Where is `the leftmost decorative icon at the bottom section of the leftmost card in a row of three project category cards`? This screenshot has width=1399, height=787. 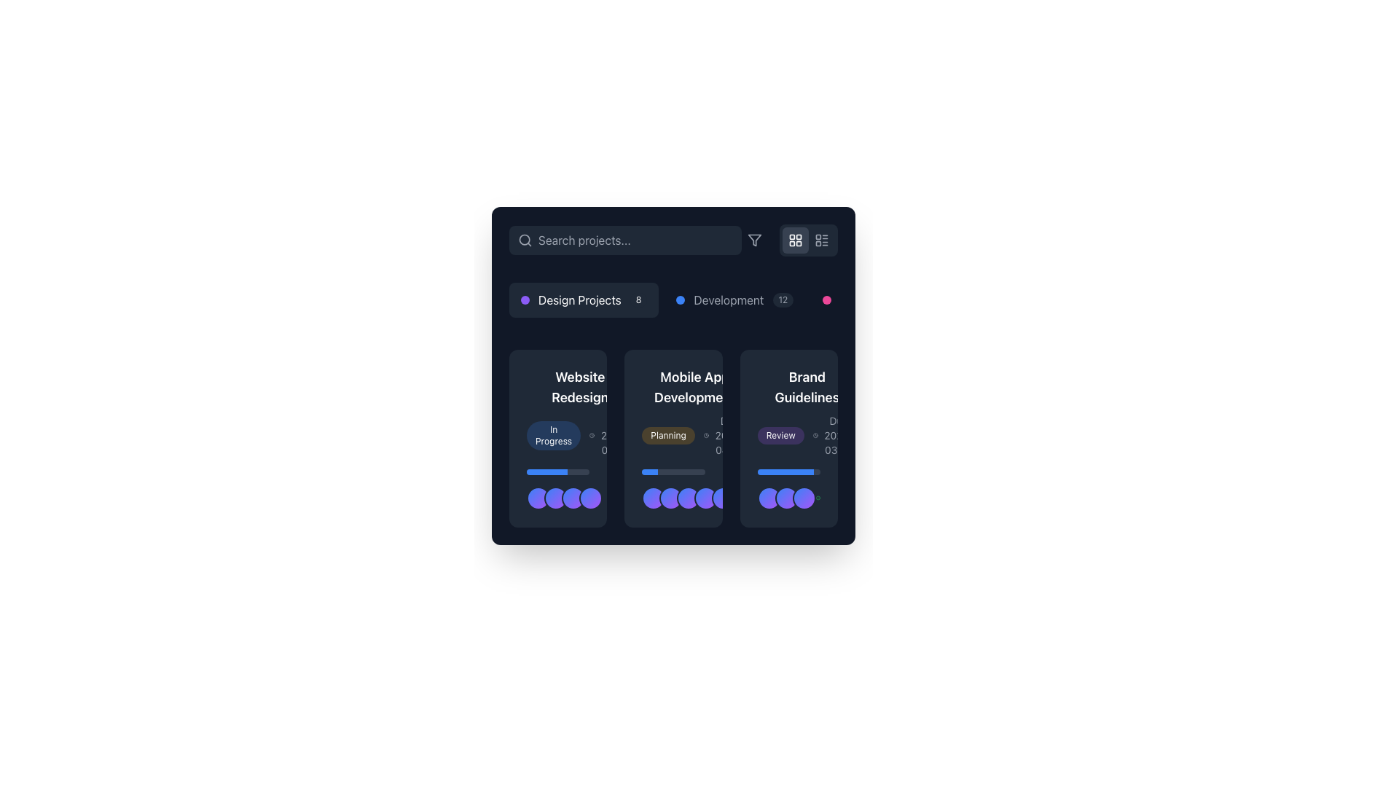 the leftmost decorative icon at the bottom section of the leftmost card in a row of three project category cards is located at coordinates (538, 497).